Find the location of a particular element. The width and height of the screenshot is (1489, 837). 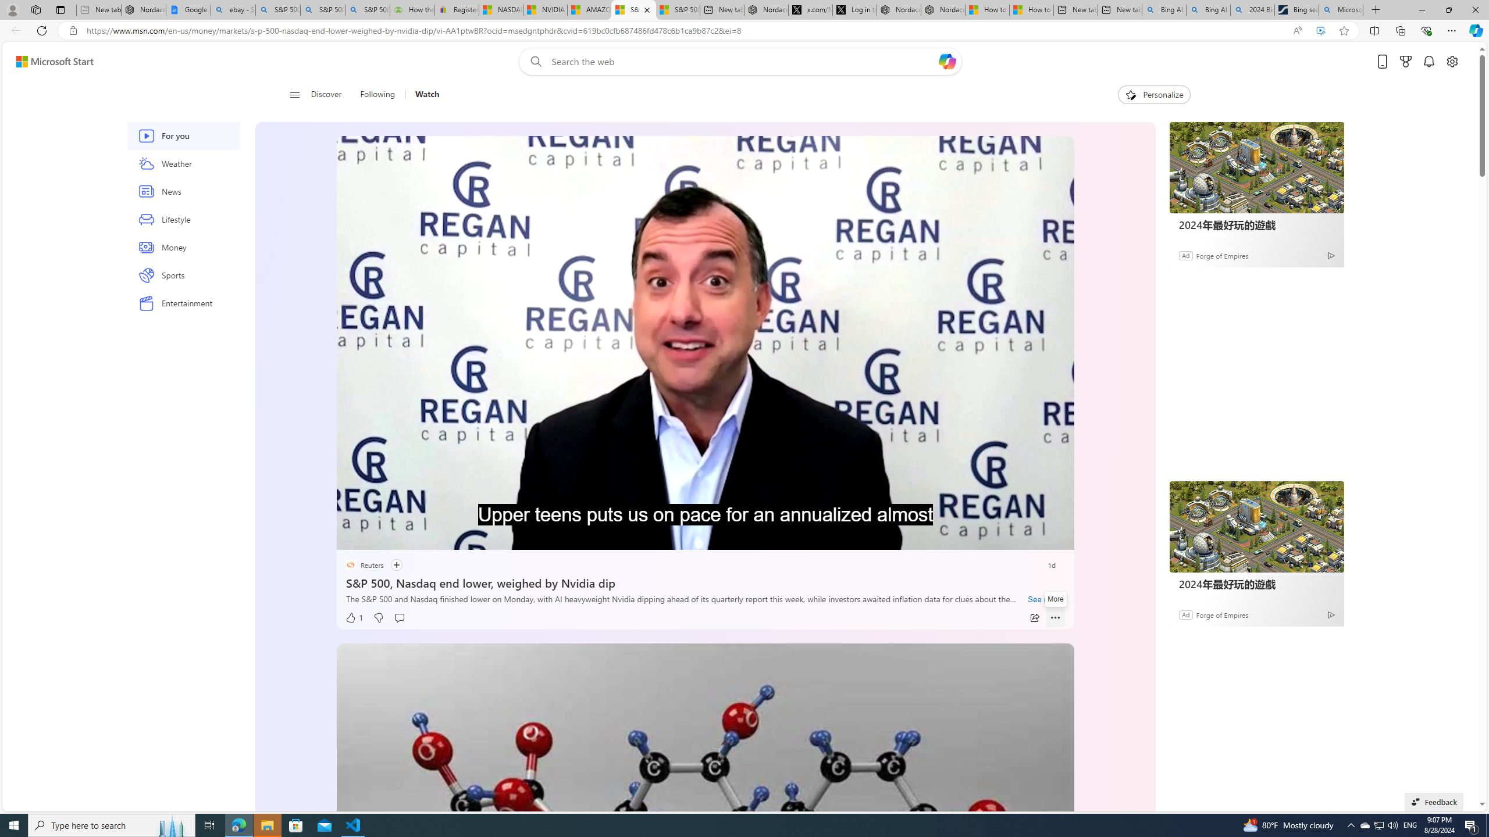

'Register: Create a personal eBay account' is located at coordinates (456, 9).